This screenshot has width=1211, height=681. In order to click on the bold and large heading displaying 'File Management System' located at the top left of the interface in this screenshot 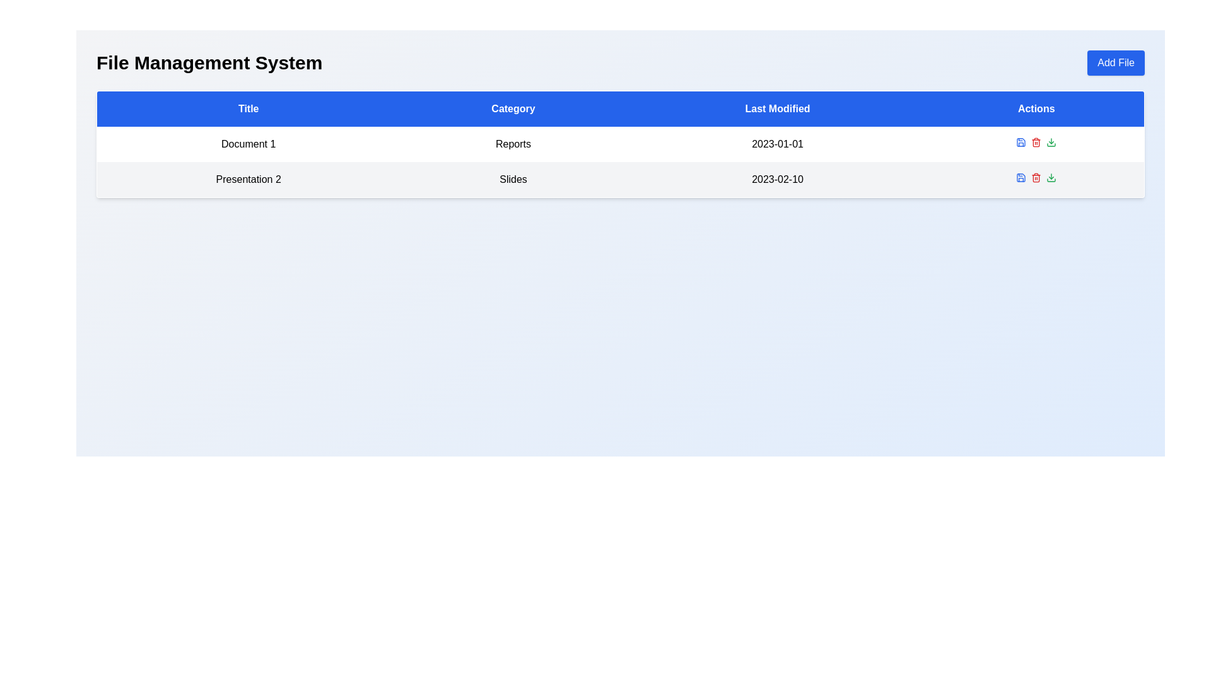, I will do `click(209, 63)`.